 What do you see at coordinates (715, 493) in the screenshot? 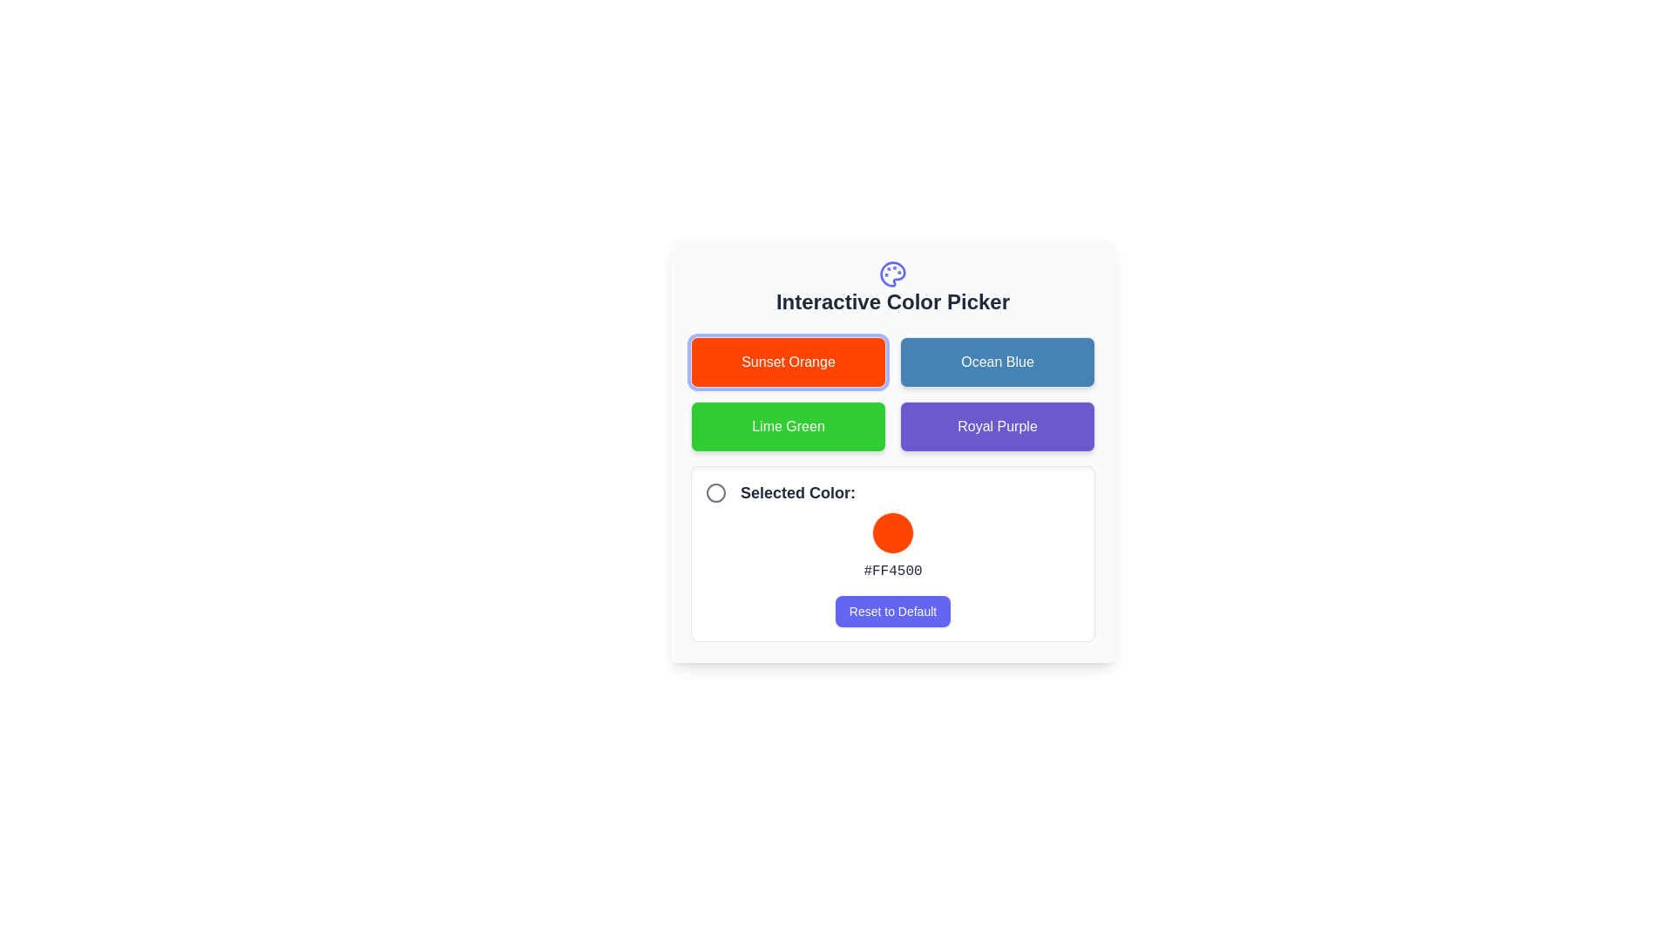
I see `the Graphical SVG circle element representing the selected color status in the 'Selected Color' section of the color options interface` at bounding box center [715, 493].